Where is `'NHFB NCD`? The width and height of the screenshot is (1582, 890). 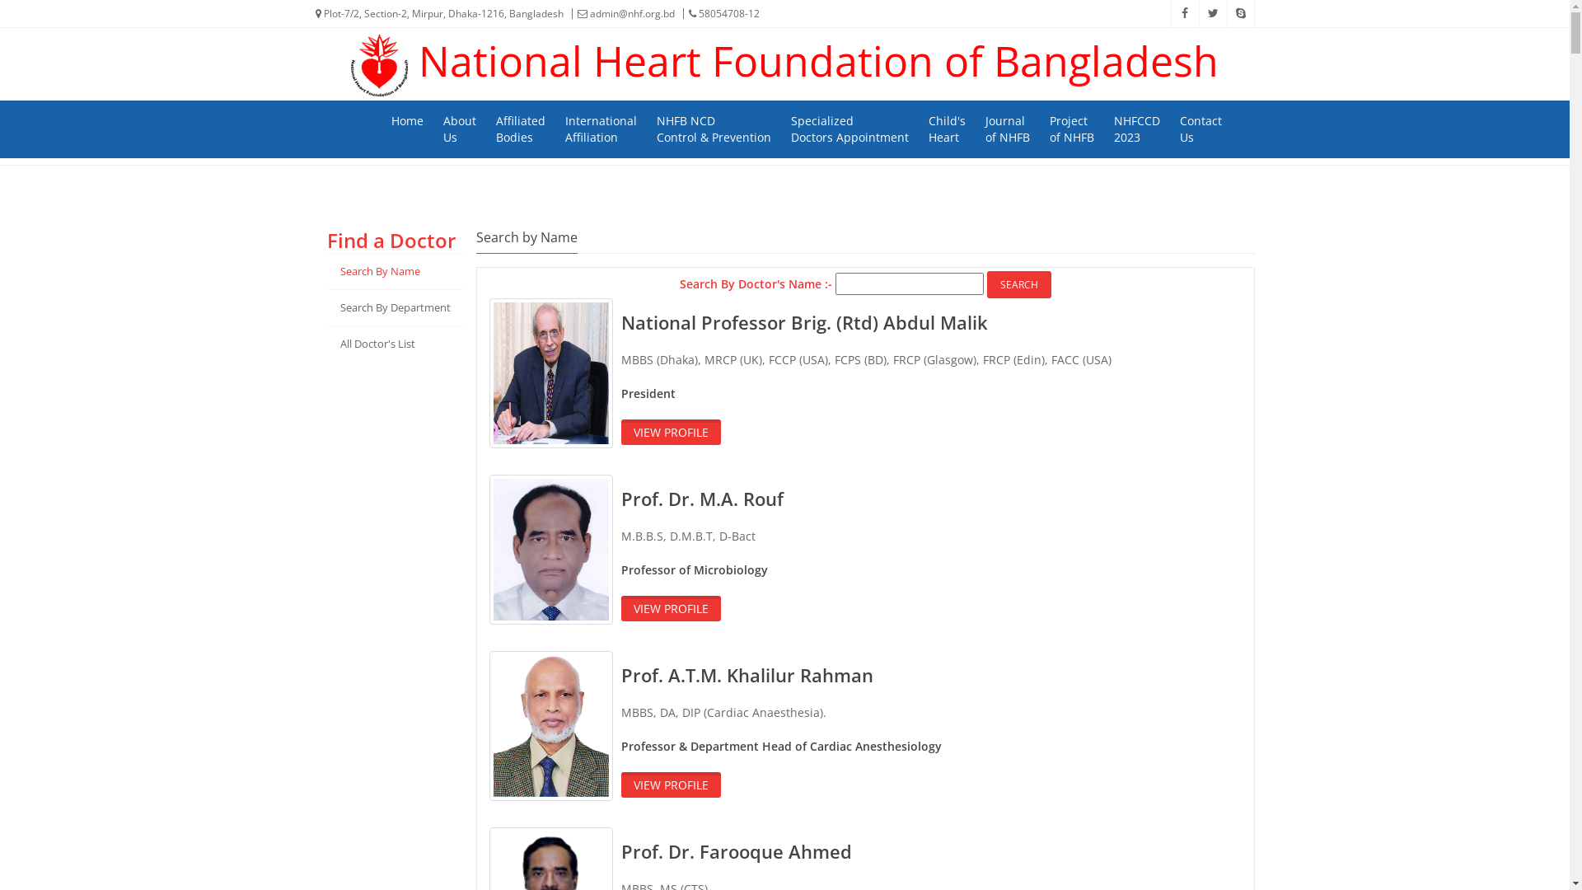
'NHFB NCD is located at coordinates (714, 129).